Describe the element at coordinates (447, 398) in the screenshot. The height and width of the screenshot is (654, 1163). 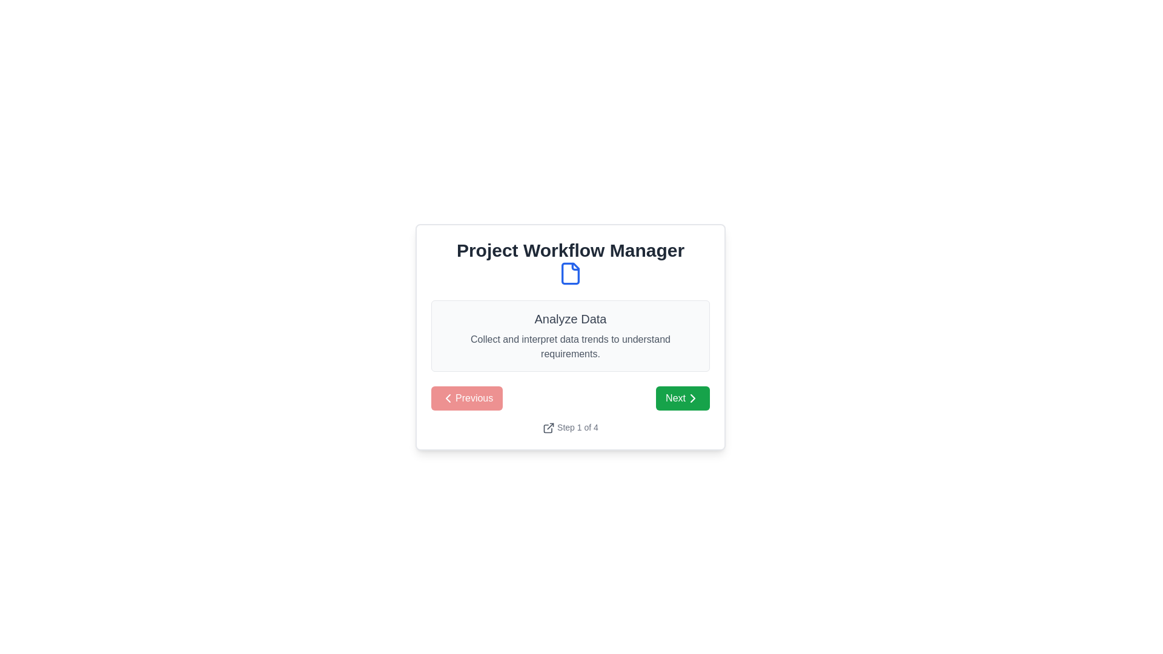
I see `the chevron icon located at the leftmost part of the 'Previous' button` at that location.